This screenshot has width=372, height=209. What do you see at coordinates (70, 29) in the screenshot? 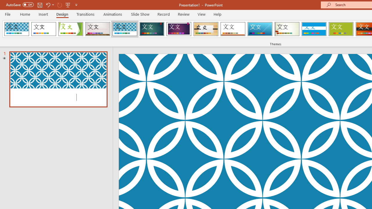
I see `'Facet'` at bounding box center [70, 29].